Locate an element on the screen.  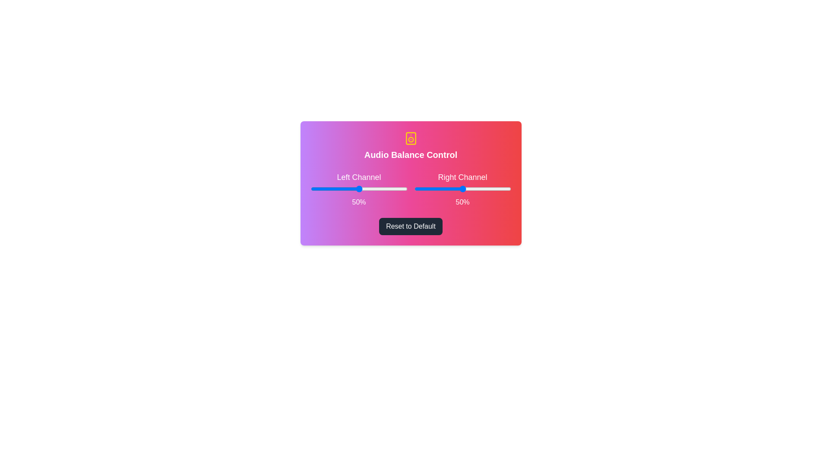
the right slider to 80% is located at coordinates (491, 189).